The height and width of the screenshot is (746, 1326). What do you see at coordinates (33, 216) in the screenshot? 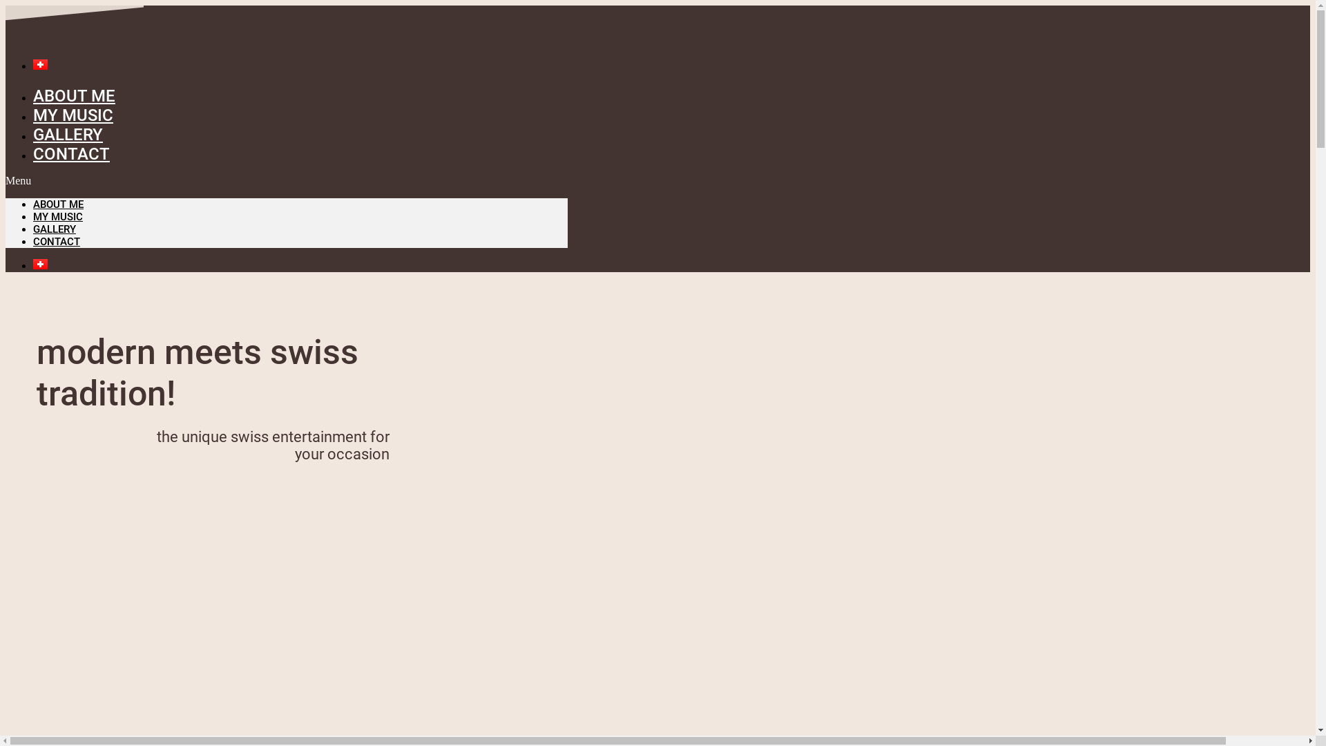
I see `'MY MUSIC'` at bounding box center [33, 216].